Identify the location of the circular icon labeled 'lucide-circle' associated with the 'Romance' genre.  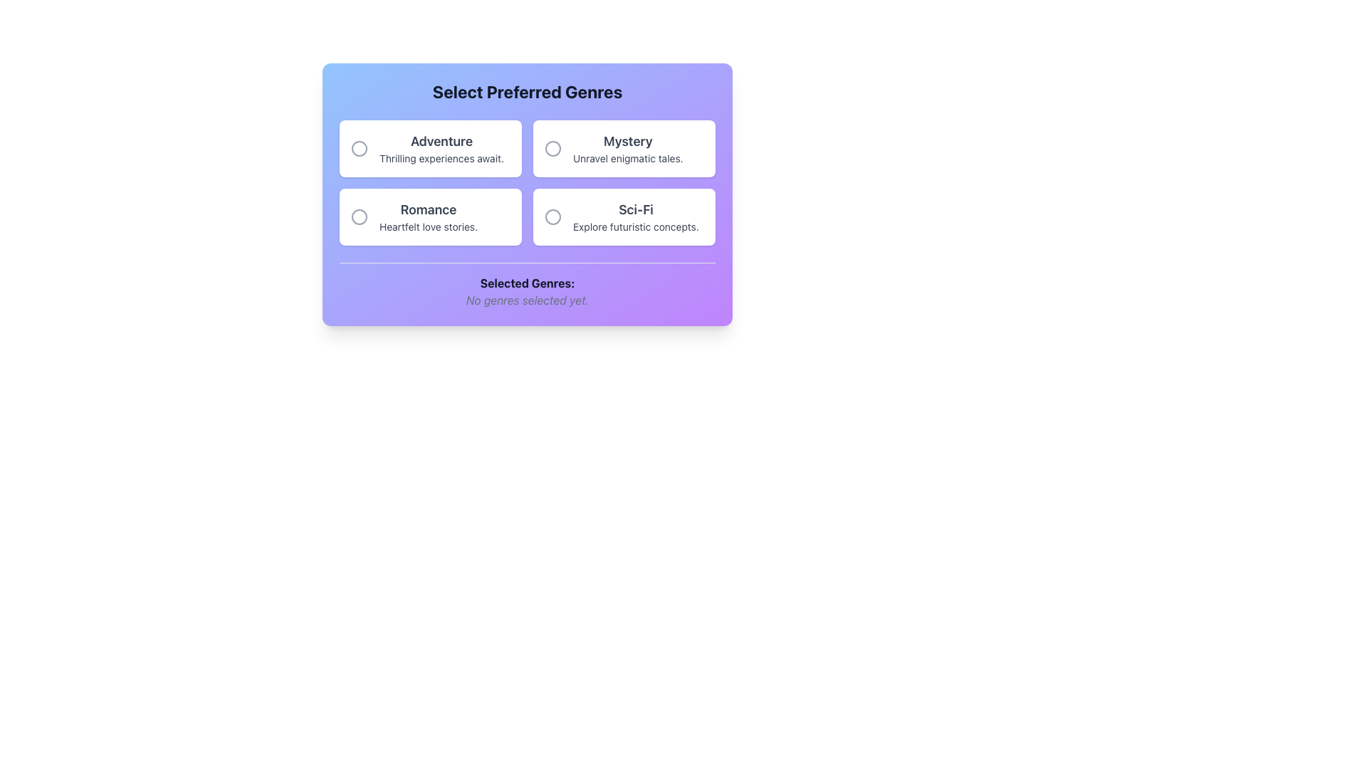
(359, 216).